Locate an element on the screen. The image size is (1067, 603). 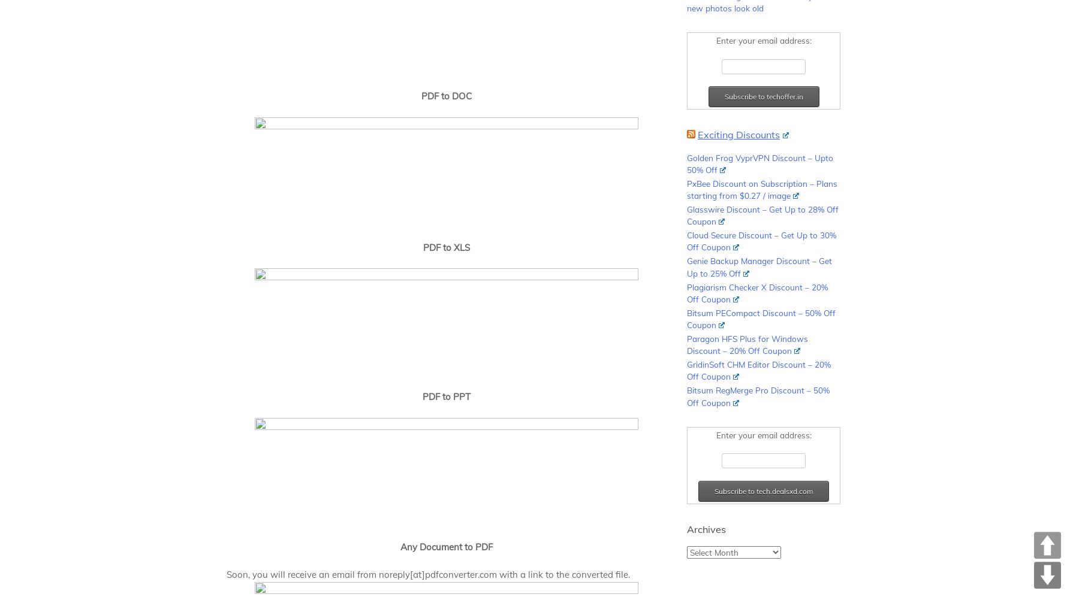
'Cloud Secure Discount – Get Up to 30% Off Coupon' is located at coordinates (761, 241).